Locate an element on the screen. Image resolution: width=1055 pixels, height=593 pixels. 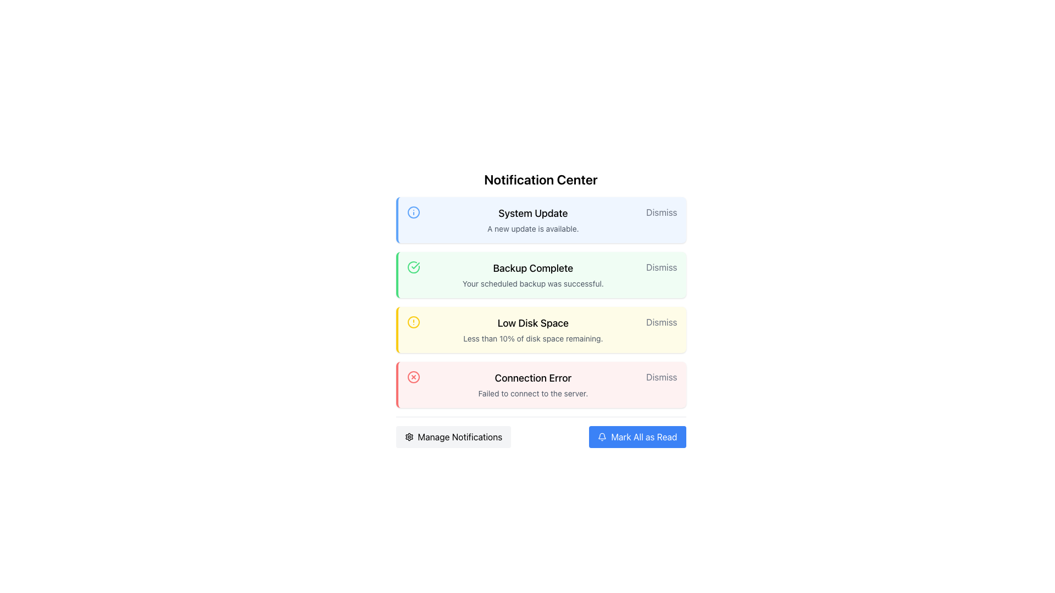
the button at the bottom-right of the notification panel to mark all notifications as read is located at coordinates (637, 436).